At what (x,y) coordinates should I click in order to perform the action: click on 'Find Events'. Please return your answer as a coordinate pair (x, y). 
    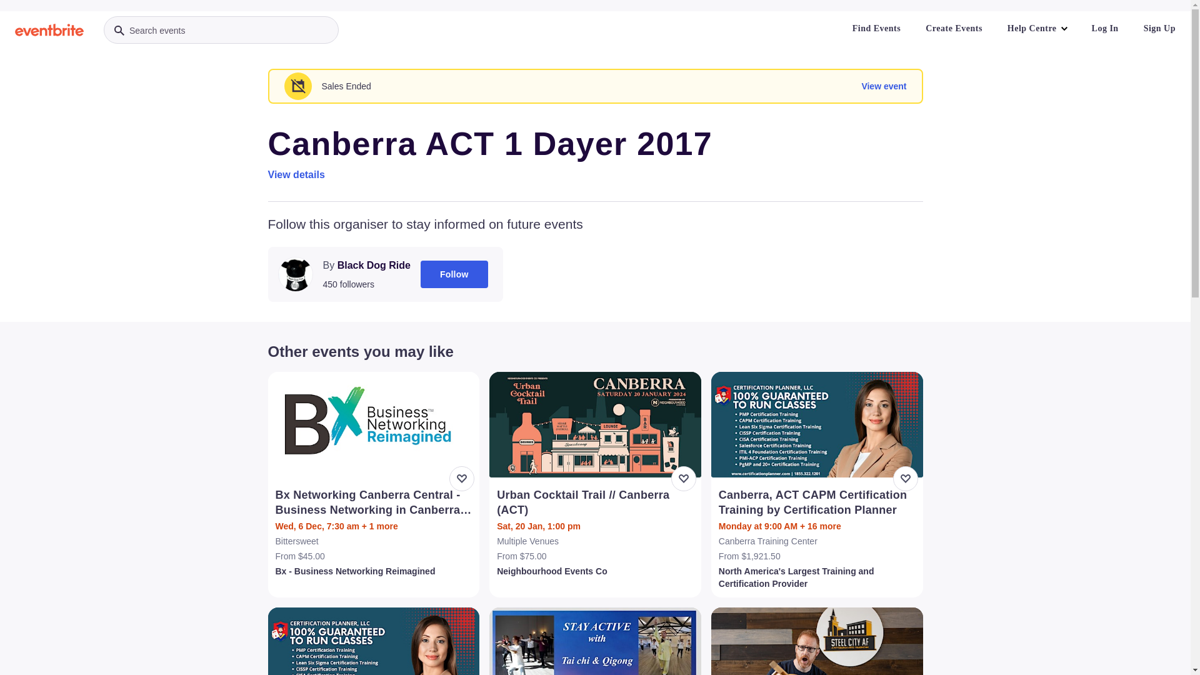
    Looking at the image, I should click on (876, 28).